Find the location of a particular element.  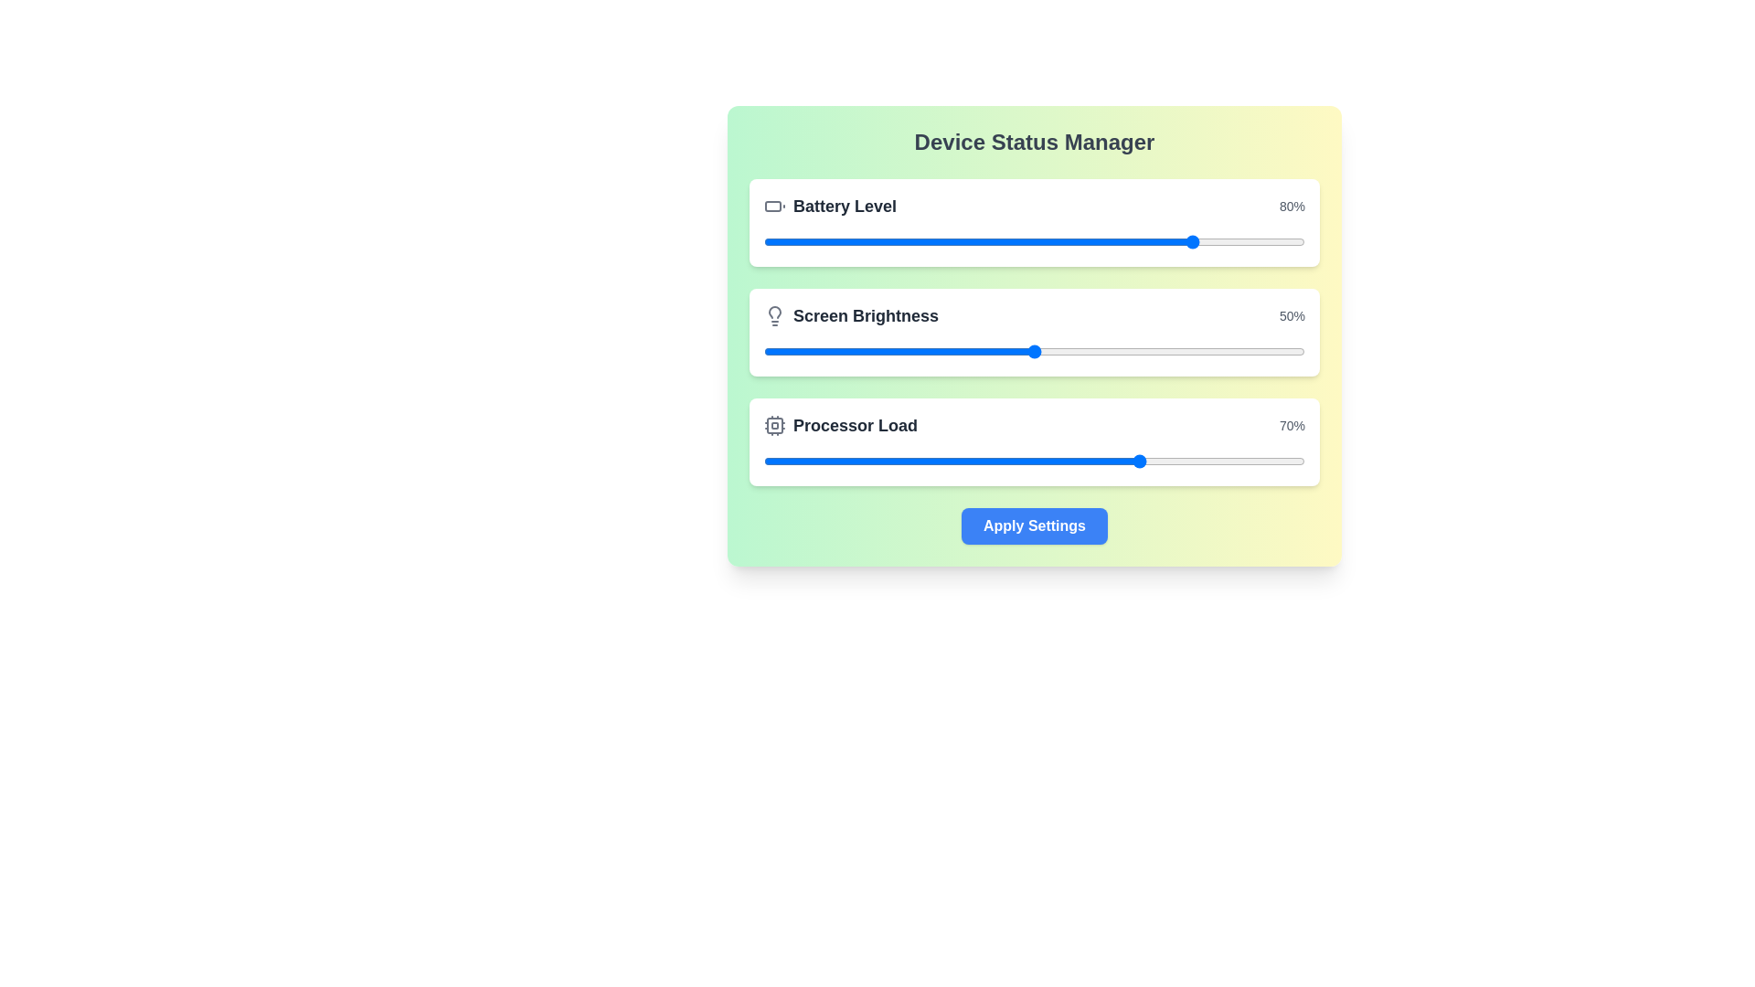

the brightness level is located at coordinates (774, 352).